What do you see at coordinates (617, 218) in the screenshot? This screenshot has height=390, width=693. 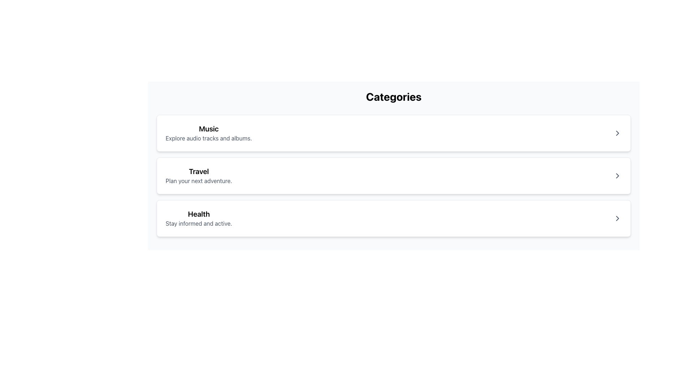 I see `the gray right-pointing chevron icon located at the far-right end of the 'Health' card in the 'Categories' section` at bounding box center [617, 218].